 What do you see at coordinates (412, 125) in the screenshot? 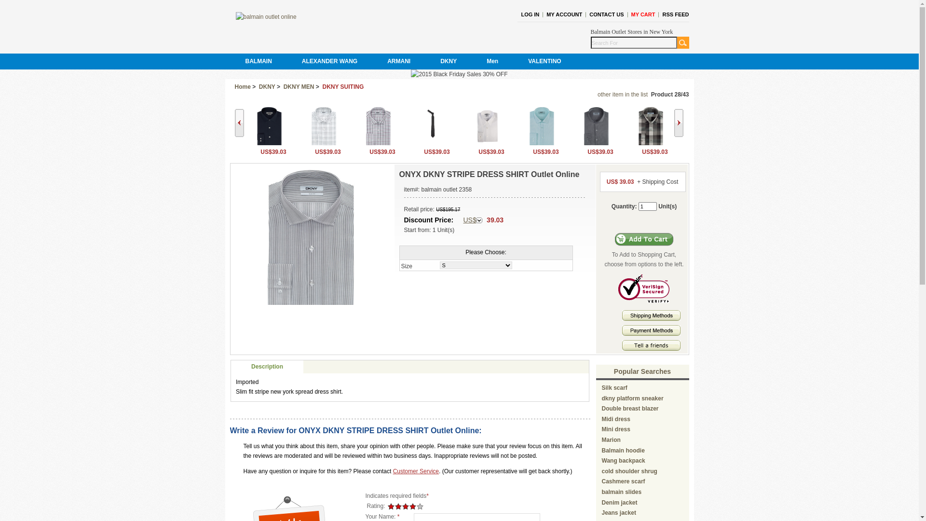
I see `' CEMENT DKNY TWEED TIE Outlet Online '` at bounding box center [412, 125].